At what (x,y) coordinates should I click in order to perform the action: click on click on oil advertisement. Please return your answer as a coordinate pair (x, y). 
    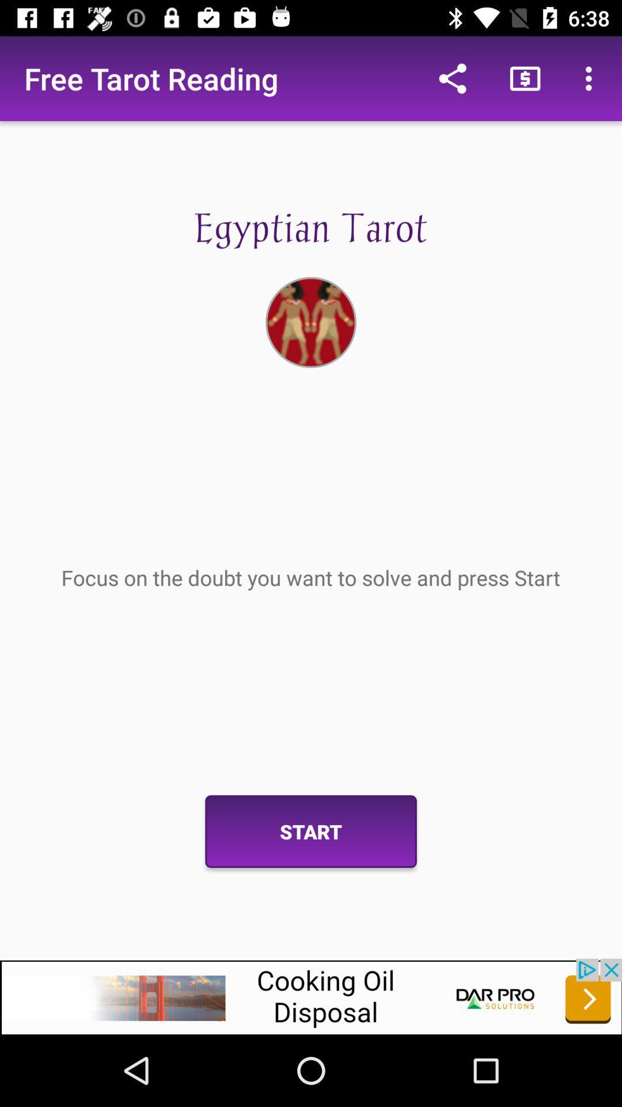
    Looking at the image, I should click on (311, 996).